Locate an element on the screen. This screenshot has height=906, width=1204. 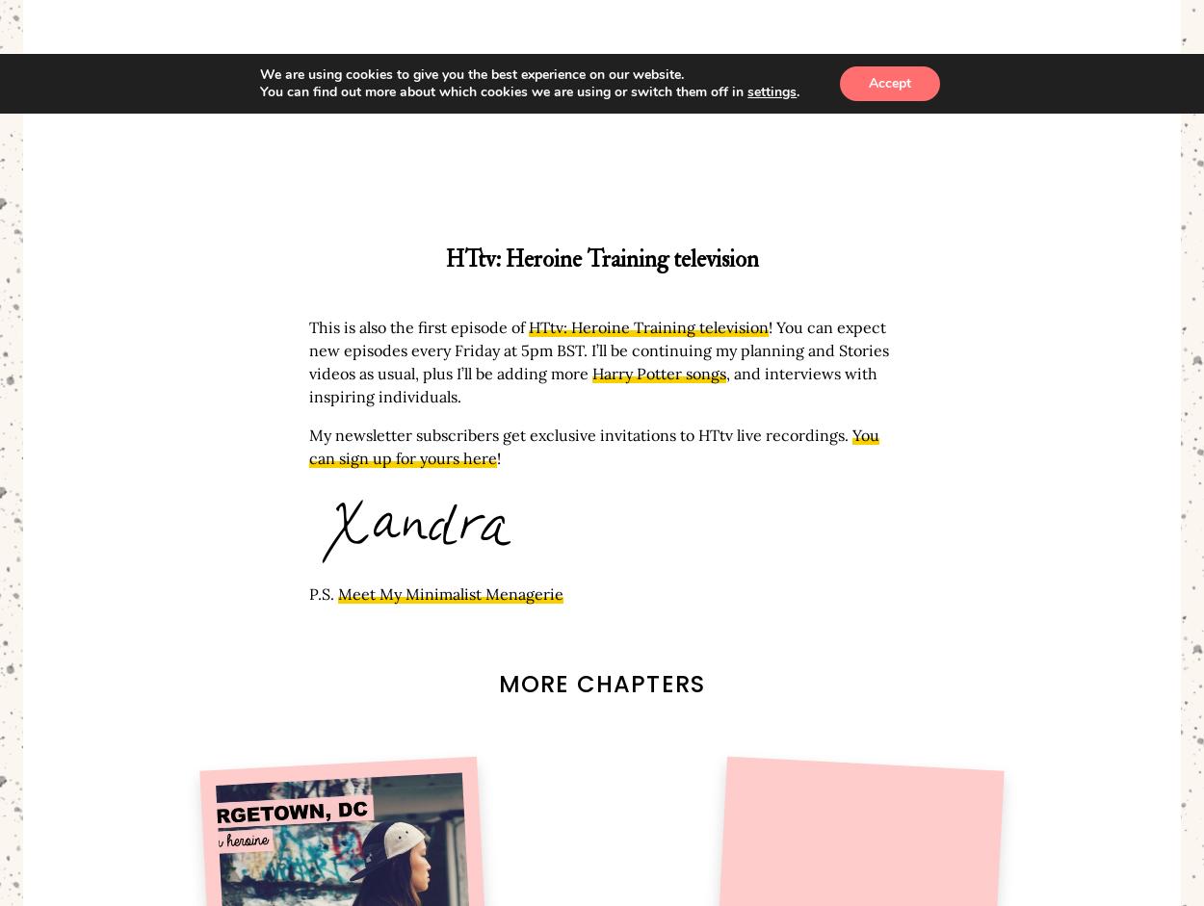
'P.S.' is located at coordinates (323, 594).